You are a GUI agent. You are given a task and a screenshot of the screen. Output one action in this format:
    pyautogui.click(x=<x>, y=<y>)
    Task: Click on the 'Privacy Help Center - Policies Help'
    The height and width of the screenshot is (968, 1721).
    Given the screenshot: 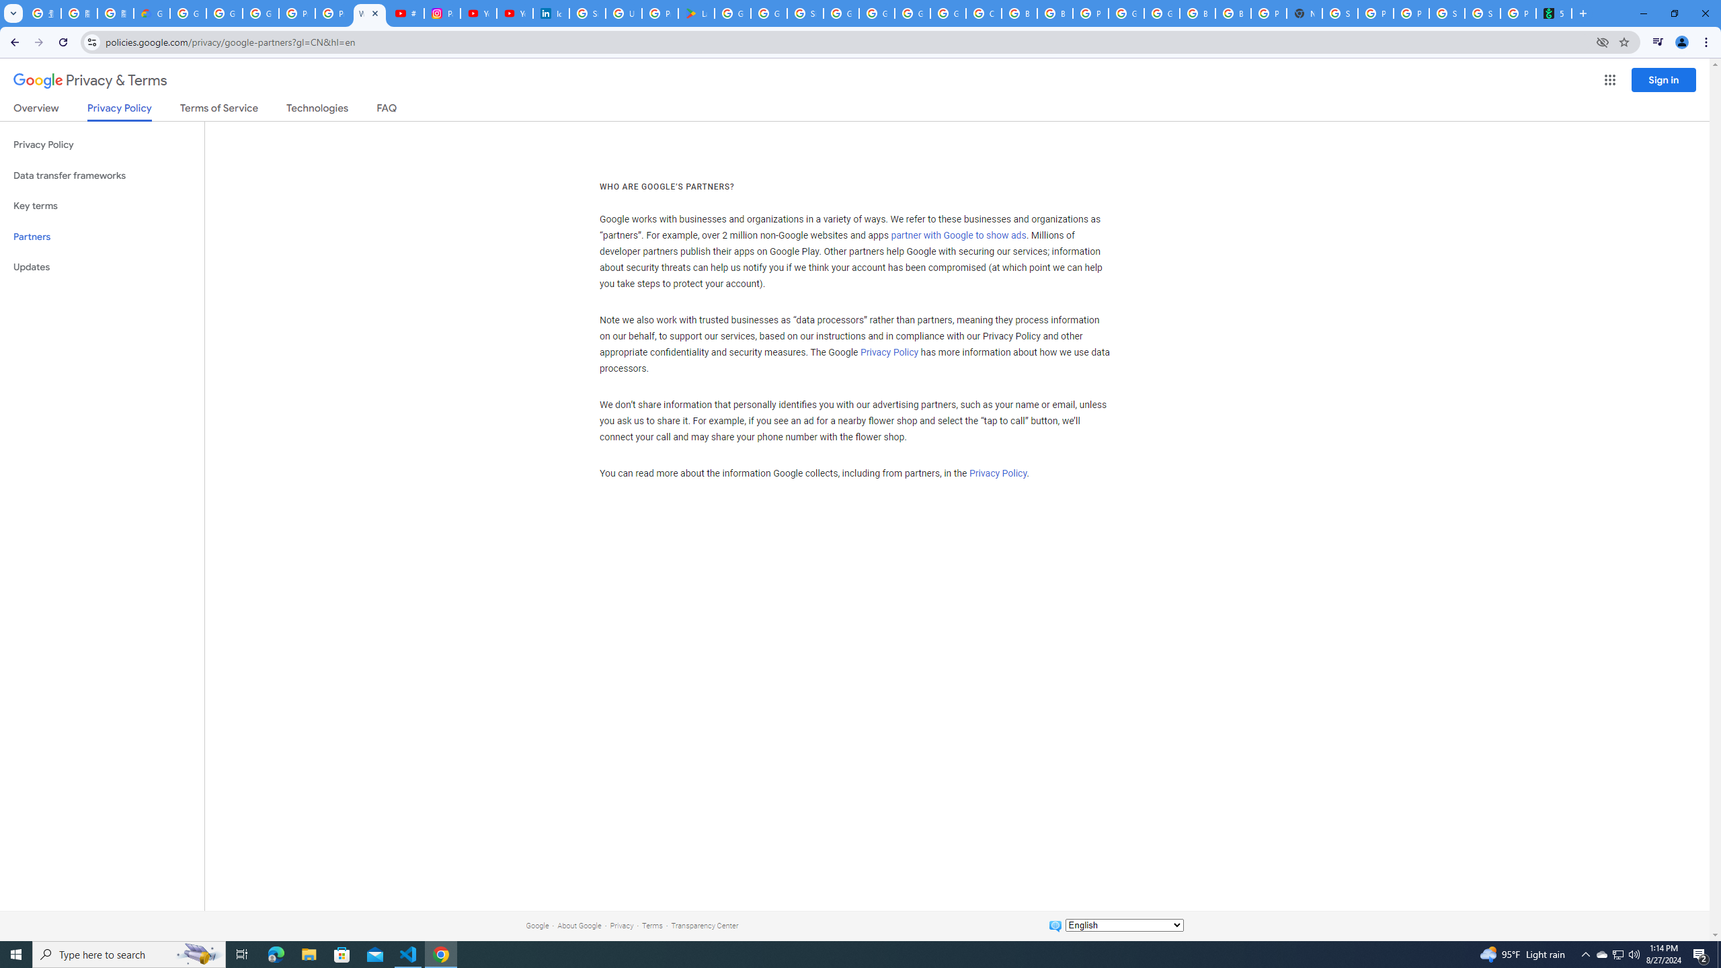 What is the action you would take?
    pyautogui.click(x=333, y=13)
    